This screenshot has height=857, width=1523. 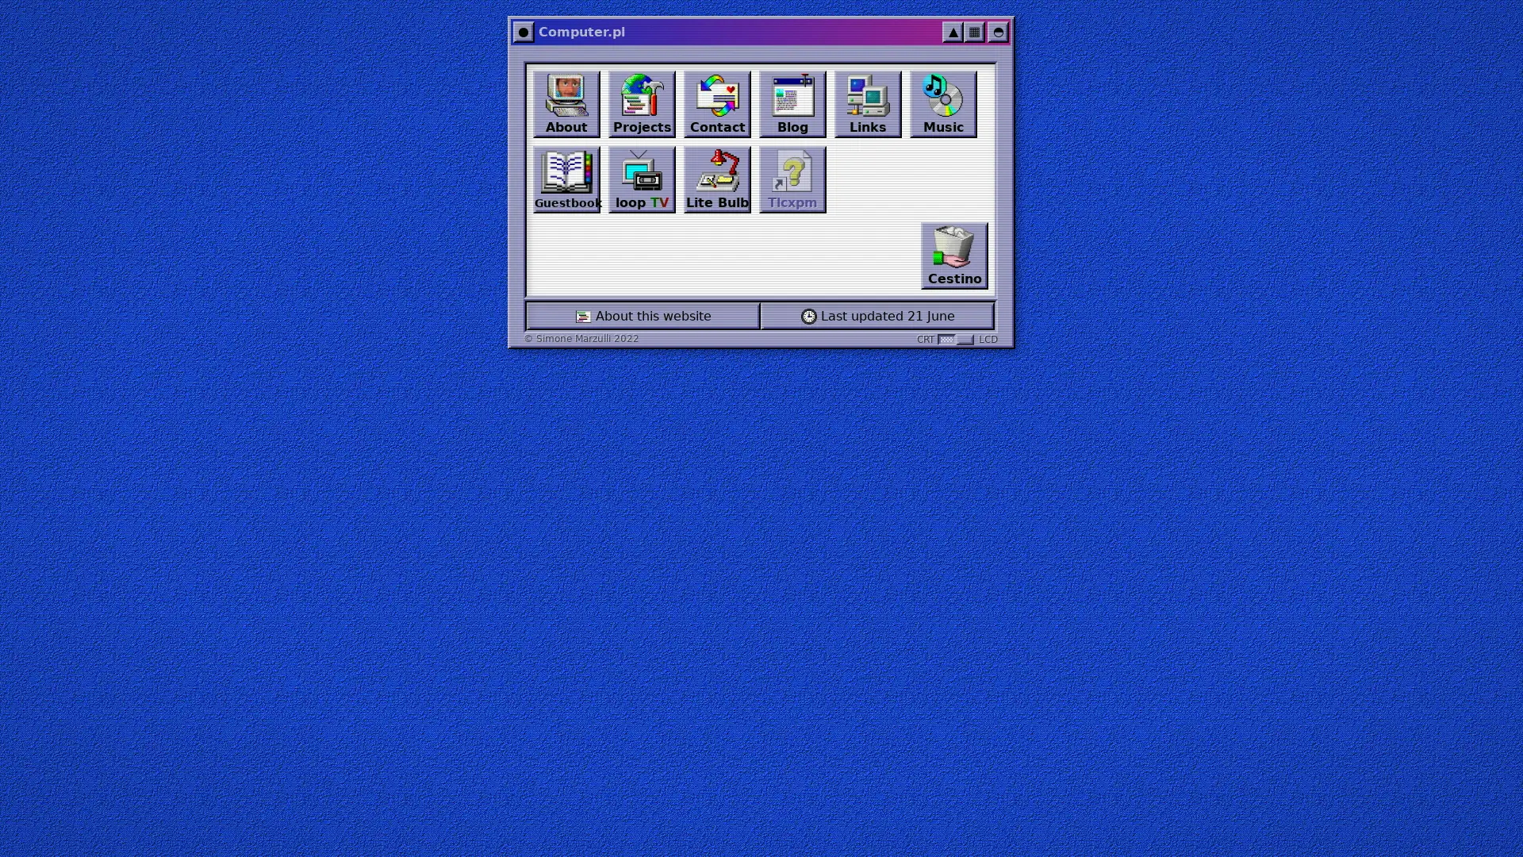 I want to click on code About this website, so click(x=643, y=316).